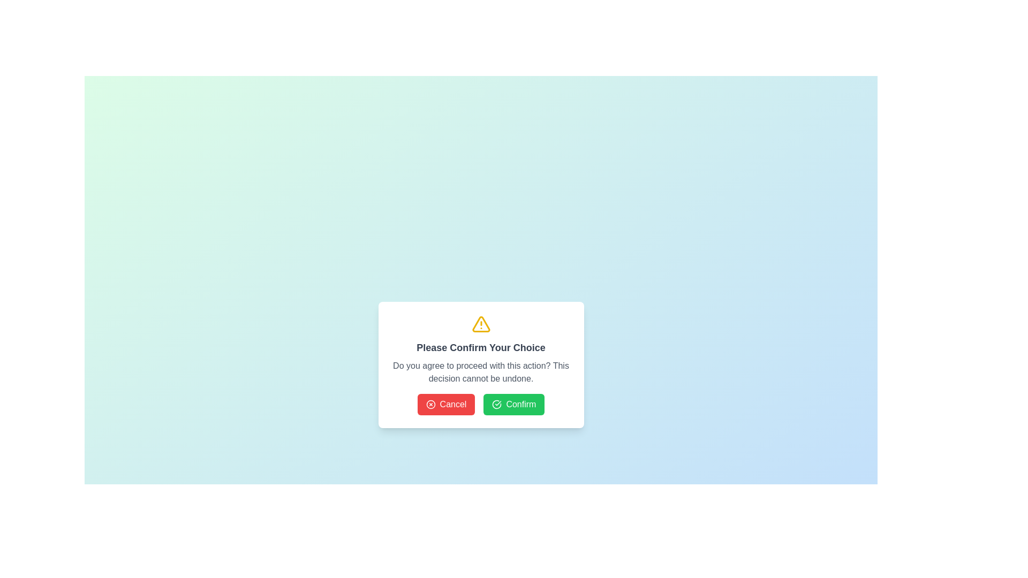 Image resolution: width=1028 pixels, height=578 pixels. Describe the element at coordinates (496, 405) in the screenshot. I see `the Confirm button, which contains a circular icon with a checkmark inside` at that location.